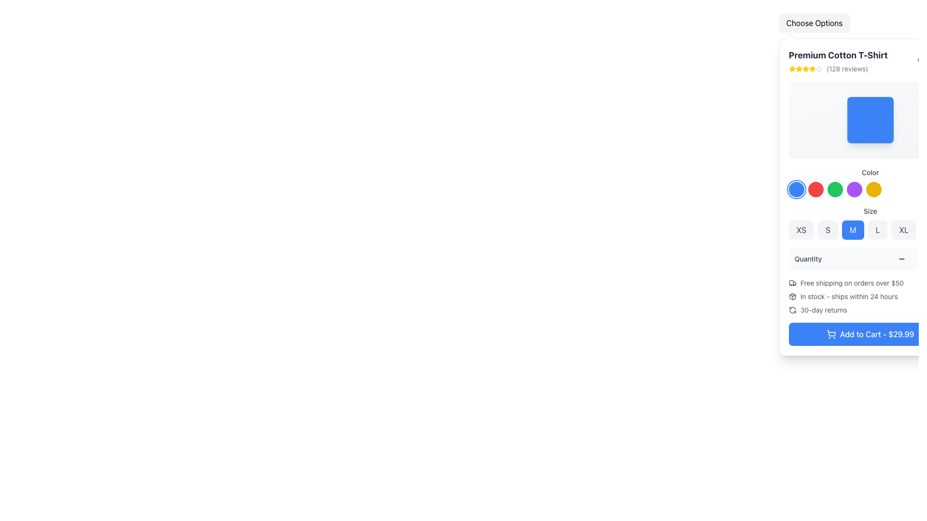  I want to click on the second yellow star icon in the product rating display, so click(805, 68).